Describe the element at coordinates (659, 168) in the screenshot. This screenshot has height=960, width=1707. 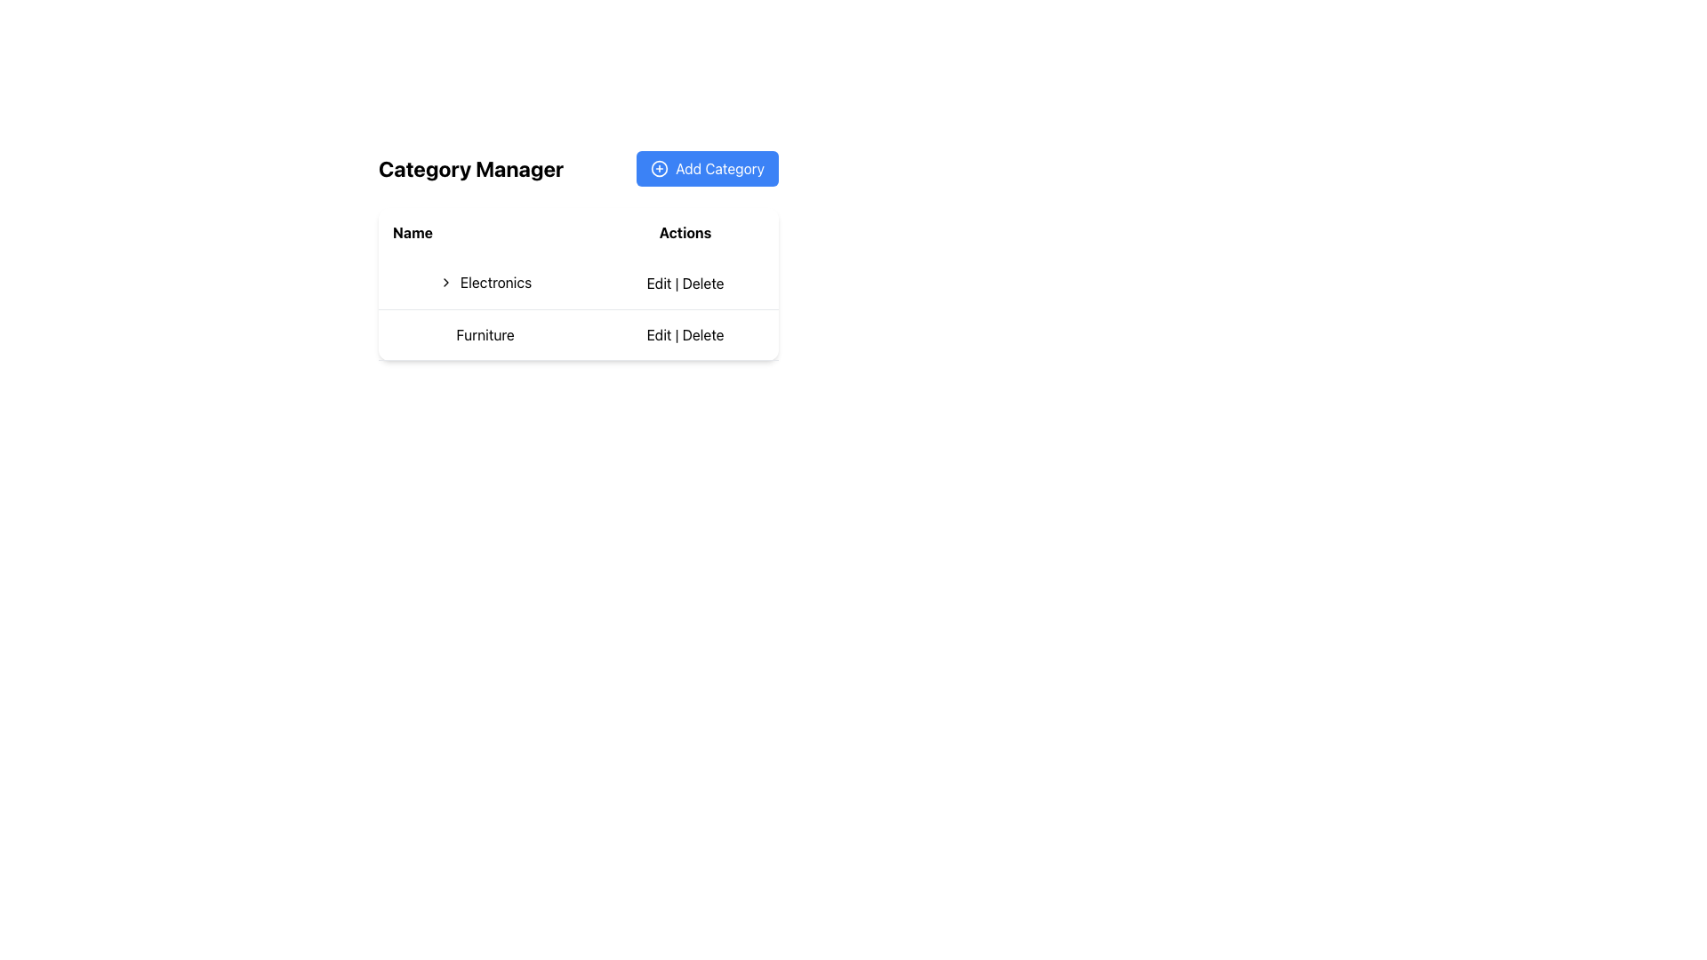
I see `the circular outline of the '+' icon within the 'Add Category' button located in the top-right corner of the 'Category Manager' interface` at that location.